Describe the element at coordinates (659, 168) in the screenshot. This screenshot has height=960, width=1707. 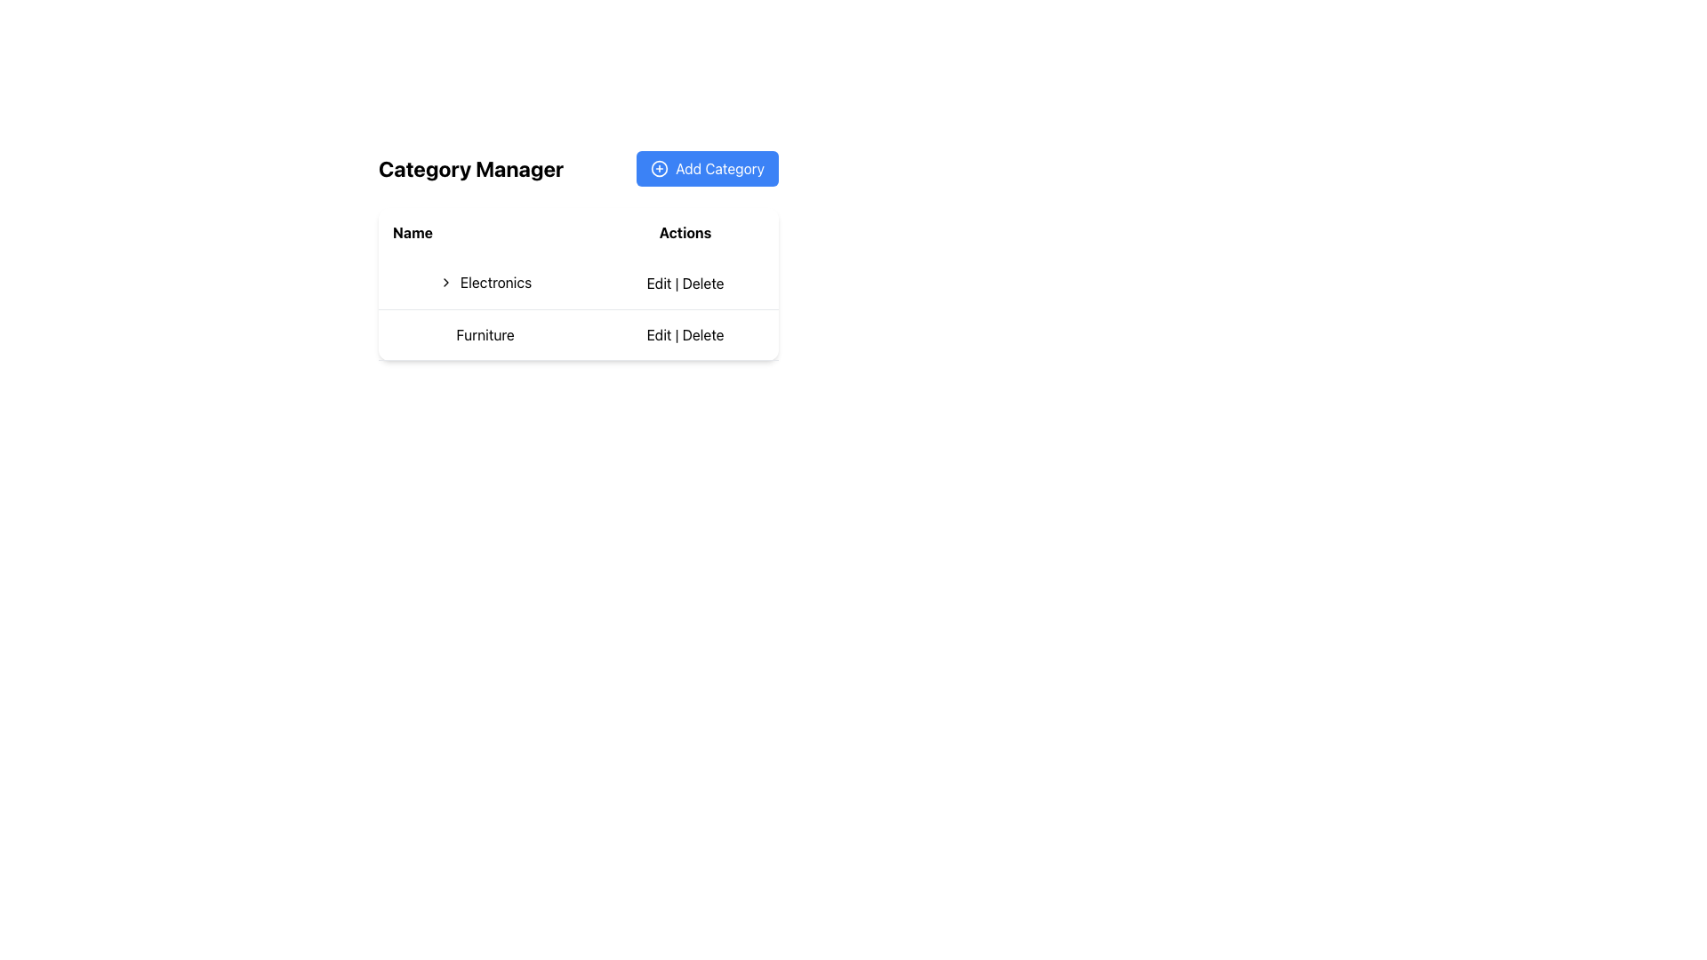
I see `the circular outline of the '+' icon within the 'Add Category' button located in the top-right corner of the 'Category Manager' interface` at that location.